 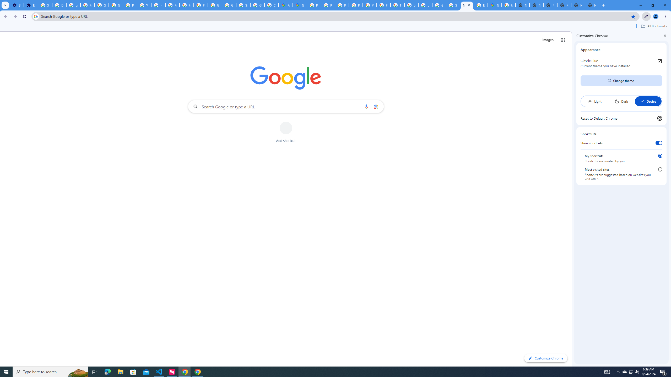 I want to click on 'Privacy Help Center - Policies Help', so click(x=328, y=5).